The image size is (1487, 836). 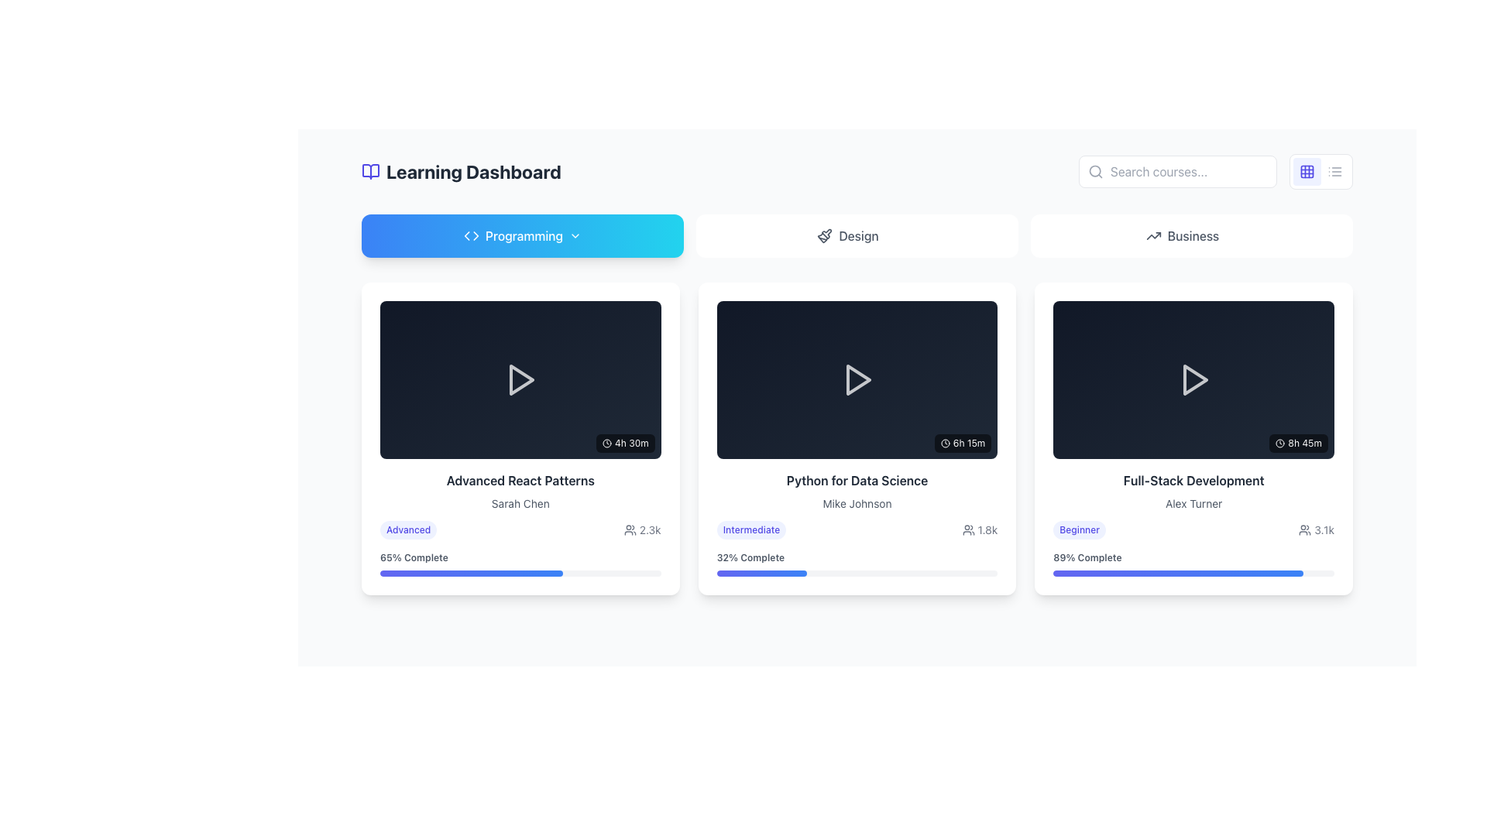 What do you see at coordinates (625, 443) in the screenshot?
I see `the text '4h 30m' with an embedded clock icon in the bottom right corner of the 'Advanced React Patterns' card` at bounding box center [625, 443].